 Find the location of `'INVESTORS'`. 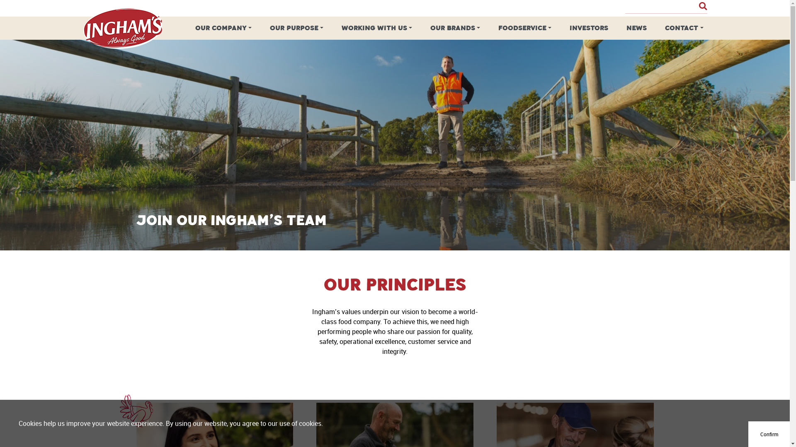

'INVESTORS' is located at coordinates (588, 28).